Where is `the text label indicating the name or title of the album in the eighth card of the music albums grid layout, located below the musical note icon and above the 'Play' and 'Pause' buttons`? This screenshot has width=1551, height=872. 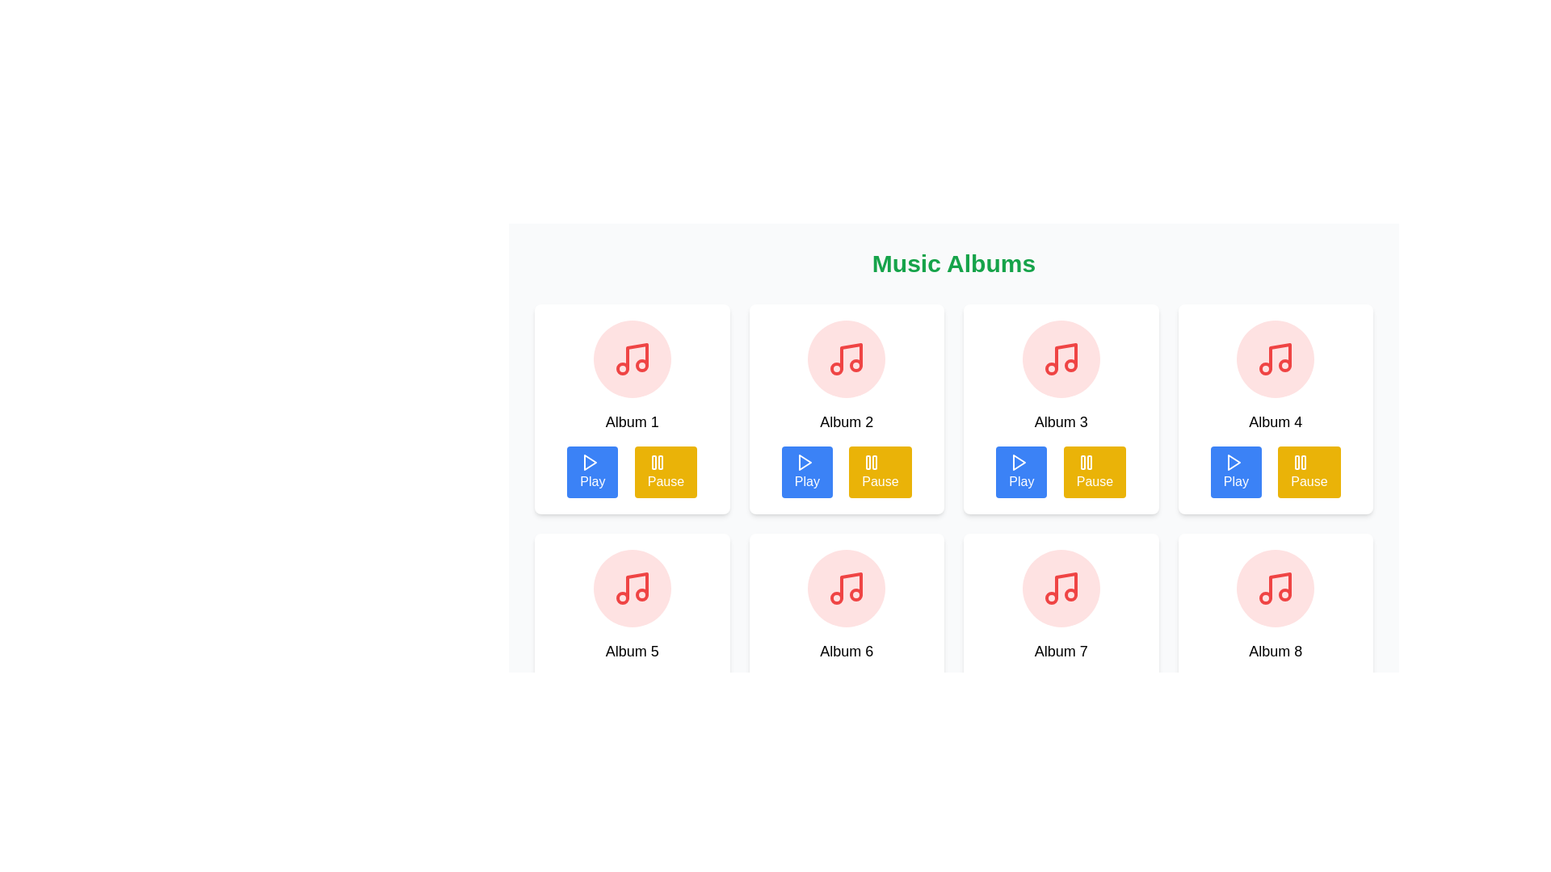 the text label indicating the name or title of the album in the eighth card of the music albums grid layout, located below the musical note icon and above the 'Play' and 'Pause' buttons is located at coordinates (1275, 650).